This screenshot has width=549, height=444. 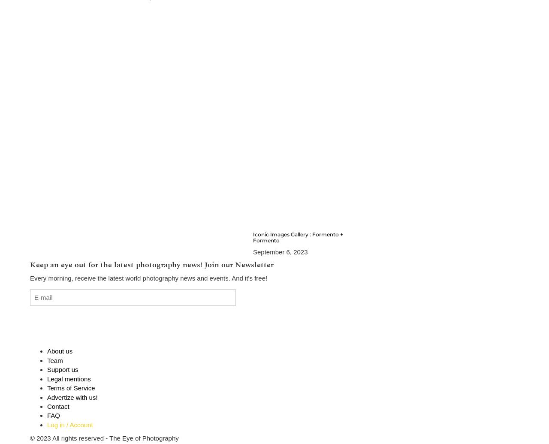 I want to click on 'Iconic Images Gallery : Formento + Formento', so click(x=298, y=237).